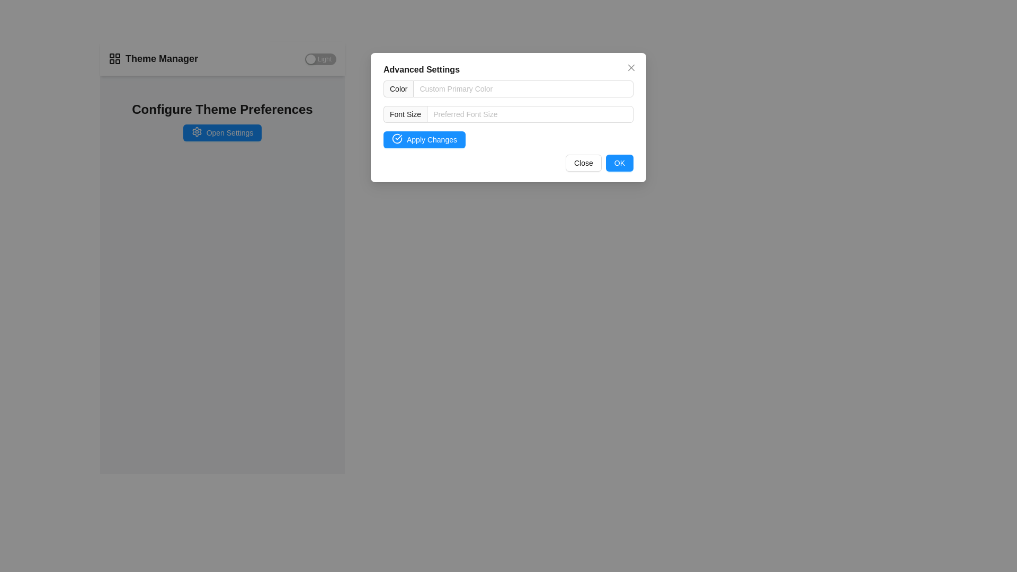  I want to click on the small circular gear icon within the blue button labeled 'Open Settings', so click(197, 132).